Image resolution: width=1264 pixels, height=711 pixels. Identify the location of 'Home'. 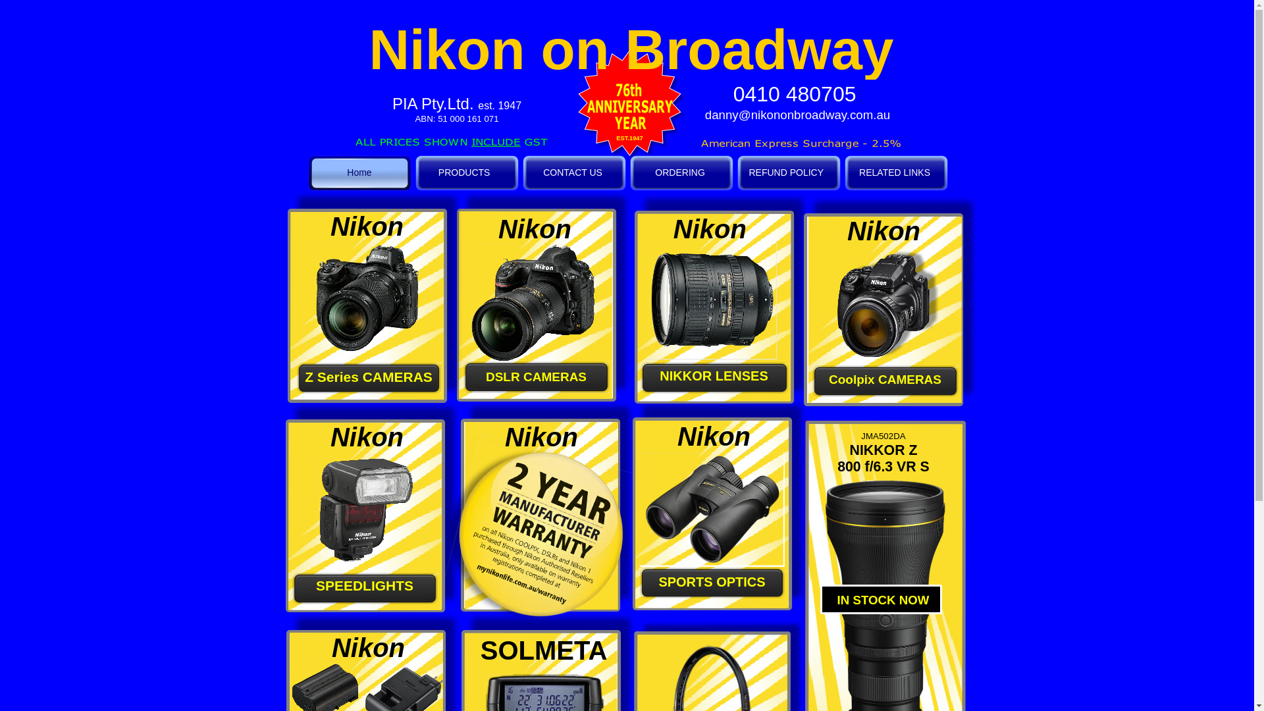
(359, 172).